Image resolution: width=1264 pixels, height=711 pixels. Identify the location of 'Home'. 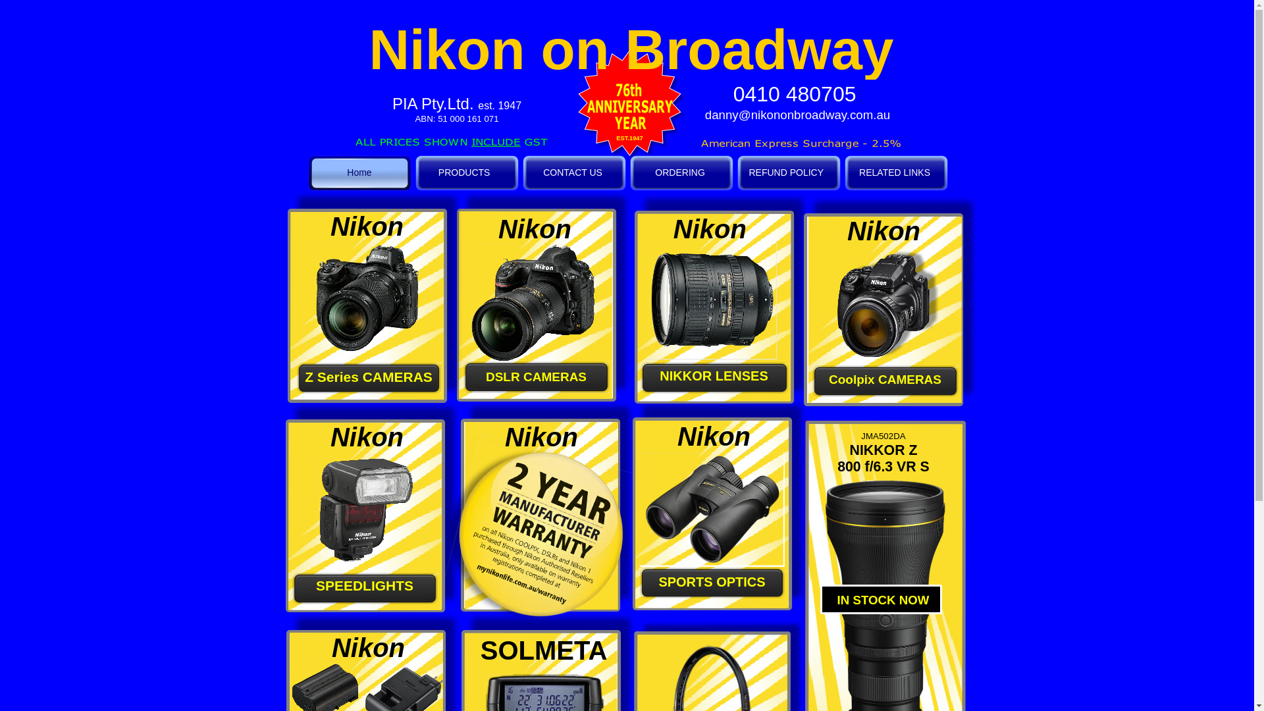
(359, 172).